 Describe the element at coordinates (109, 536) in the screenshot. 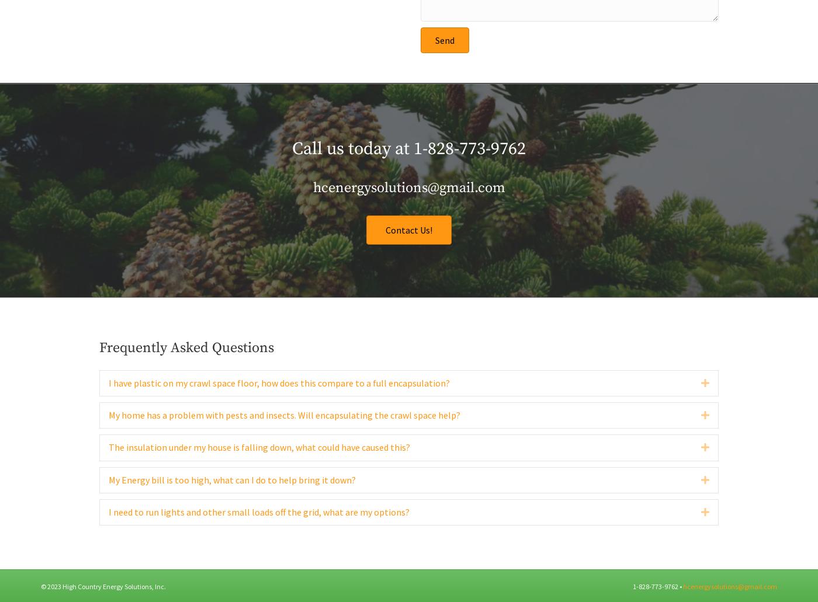

I see `'I need to run lights and other small loads off the grid, what are my options?'` at that location.